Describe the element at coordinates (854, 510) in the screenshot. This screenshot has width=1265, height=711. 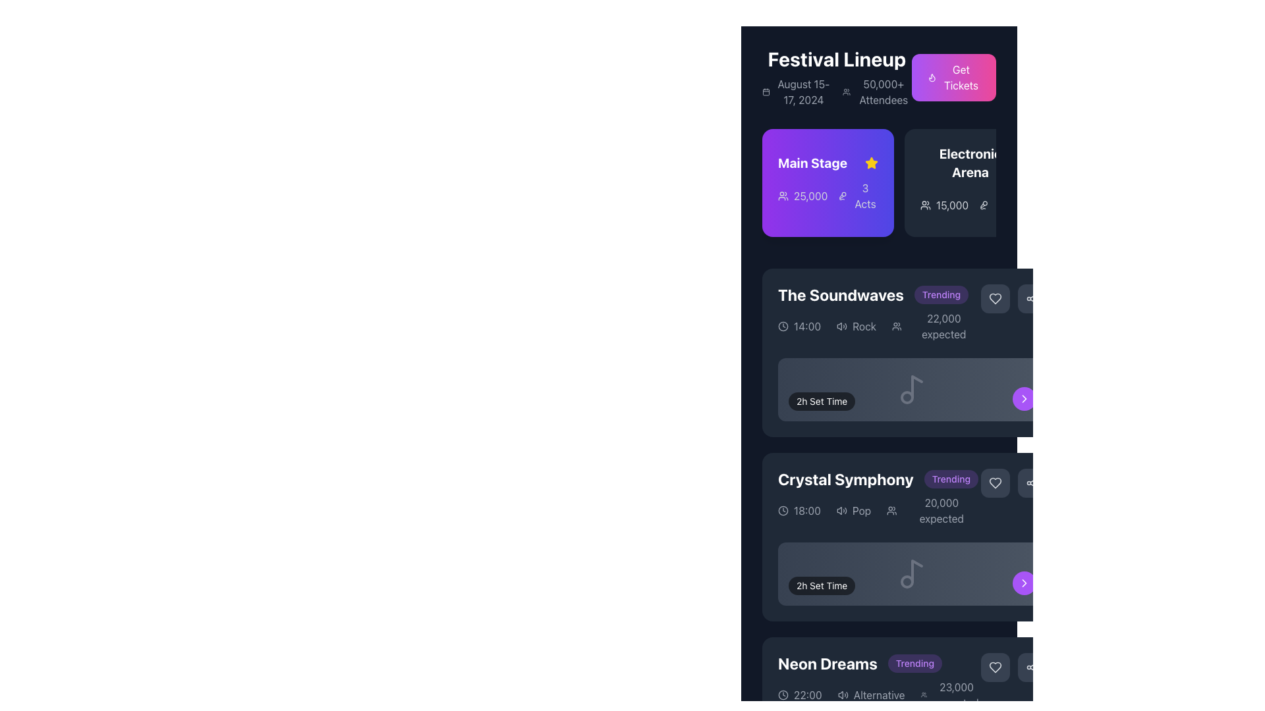
I see `text content of the small light gray label reading 'Pop', which is positioned horizontally next to a speaker icon, part of the music genre information display for 'Crystal Symphony'` at that location.